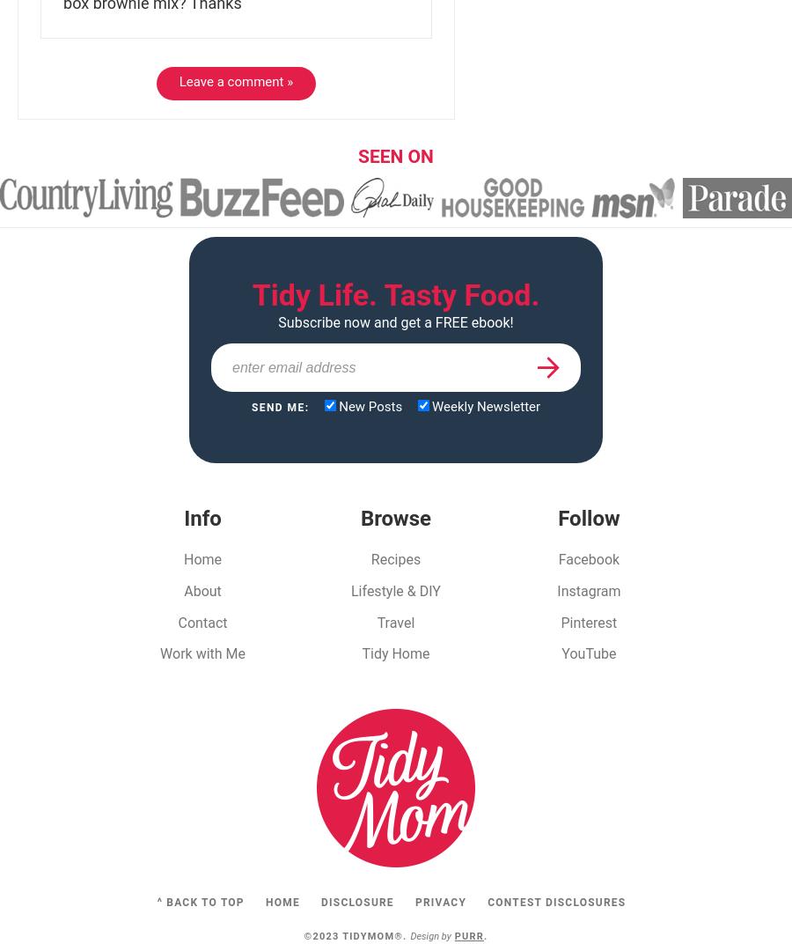 Image resolution: width=792 pixels, height=944 pixels. What do you see at coordinates (356, 901) in the screenshot?
I see `'Disclosure'` at bounding box center [356, 901].